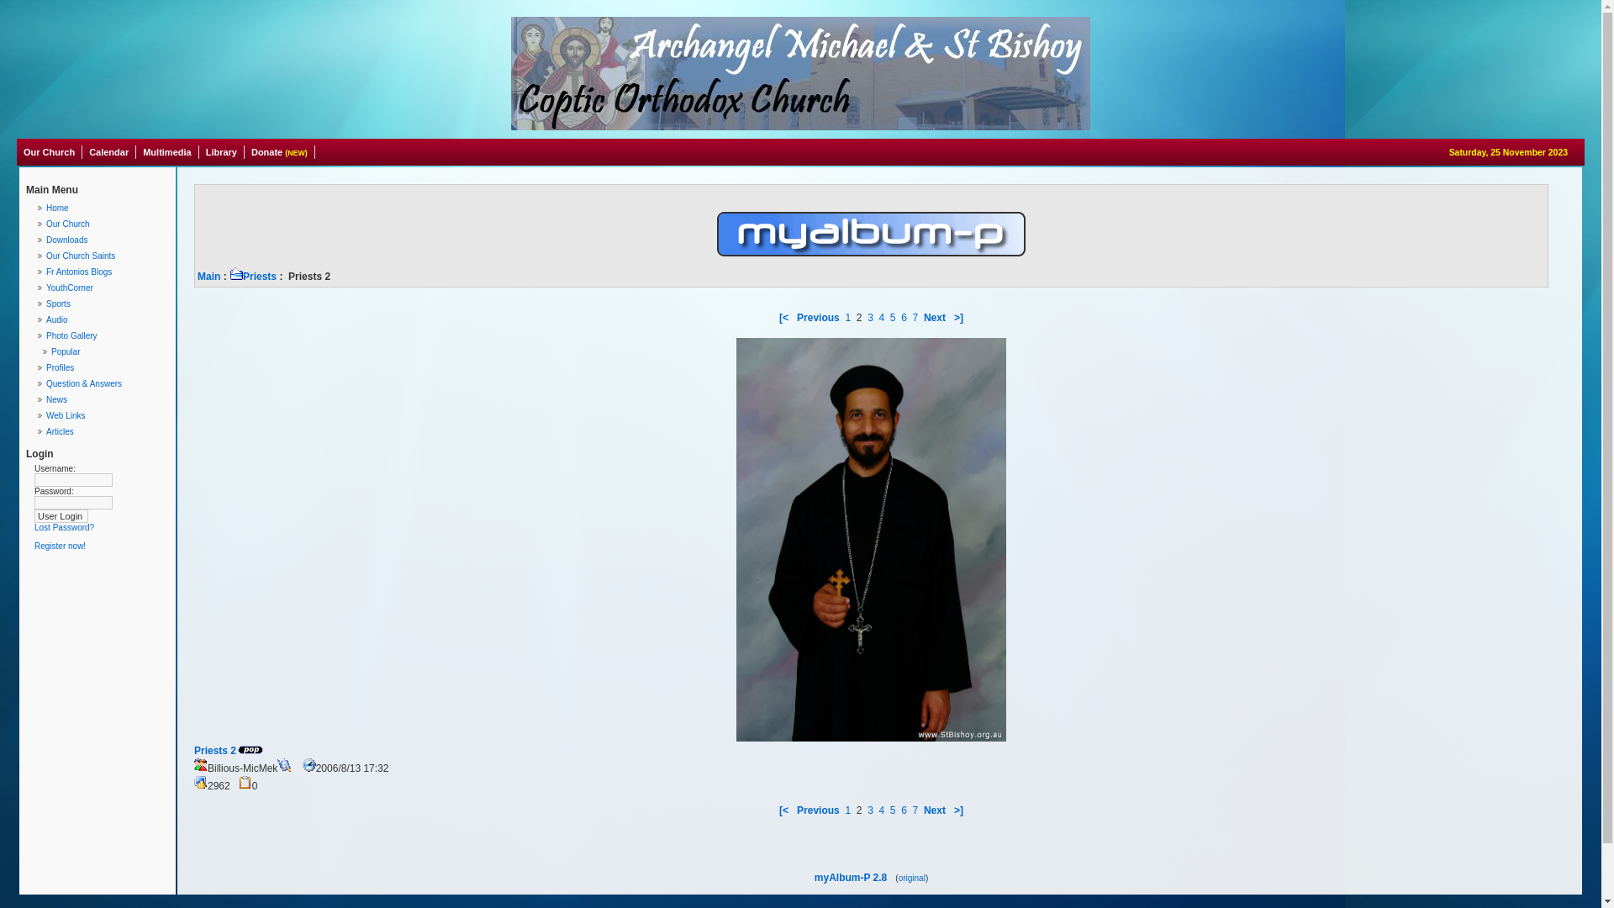 This screenshot has width=1614, height=908. What do you see at coordinates (283, 765) in the screenshot?
I see `'More Photos from Billious-MicMek'` at bounding box center [283, 765].